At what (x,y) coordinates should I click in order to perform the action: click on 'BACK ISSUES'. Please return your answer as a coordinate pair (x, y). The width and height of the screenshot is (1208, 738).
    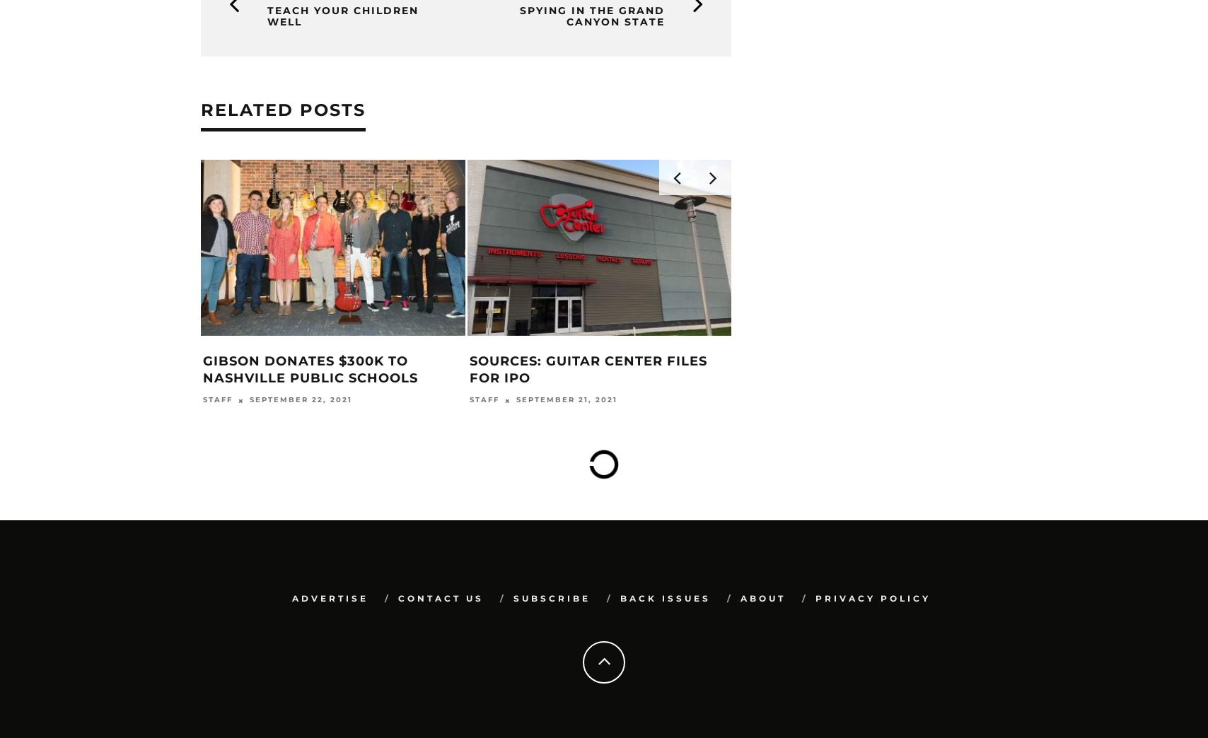
    Looking at the image, I should click on (664, 597).